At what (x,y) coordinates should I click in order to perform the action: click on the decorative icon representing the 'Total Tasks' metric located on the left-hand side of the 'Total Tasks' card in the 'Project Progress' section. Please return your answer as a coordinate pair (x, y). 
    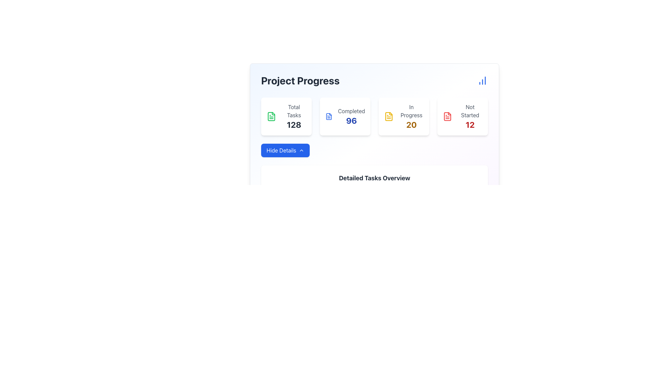
    Looking at the image, I should click on (271, 116).